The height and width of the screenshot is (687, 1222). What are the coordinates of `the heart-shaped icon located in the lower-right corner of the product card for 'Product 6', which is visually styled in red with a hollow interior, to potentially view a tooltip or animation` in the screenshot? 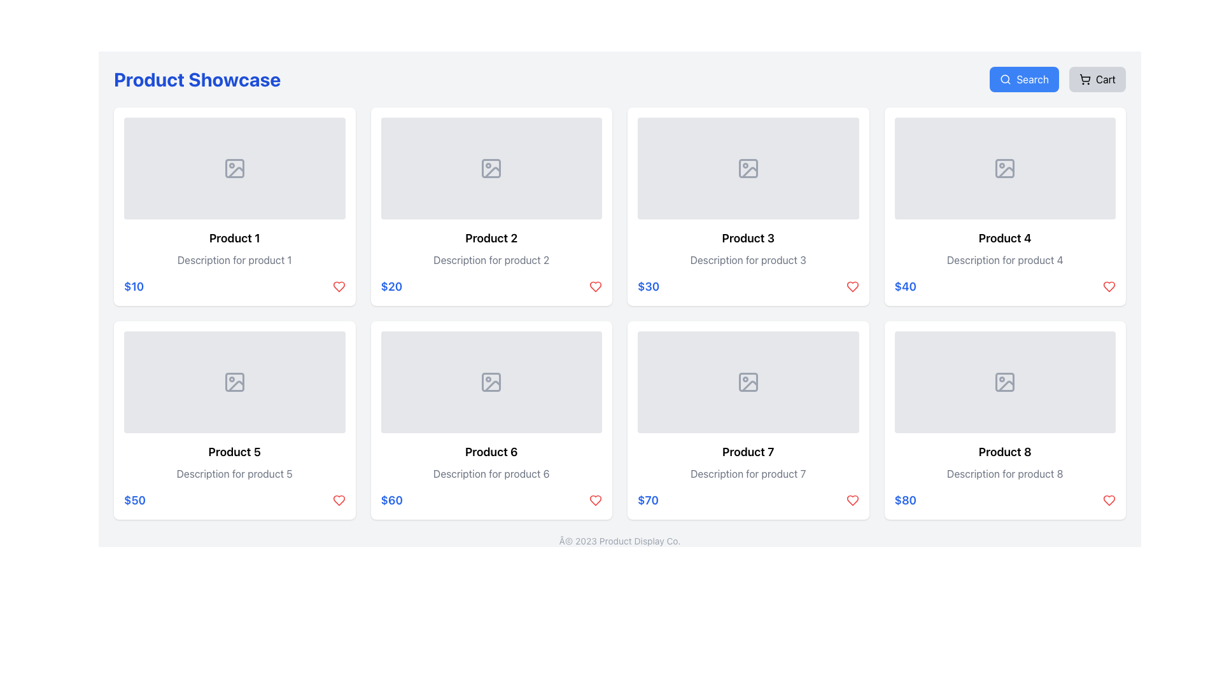 It's located at (595, 499).